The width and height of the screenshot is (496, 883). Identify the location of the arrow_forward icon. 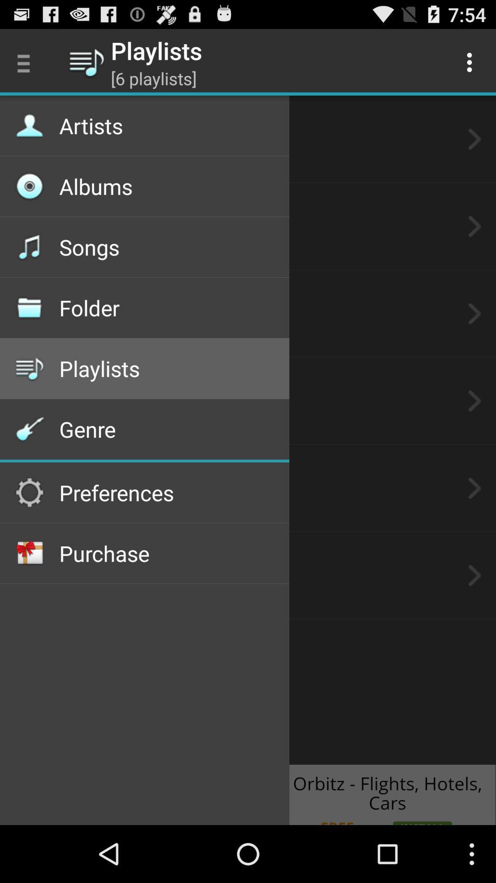
(456, 428).